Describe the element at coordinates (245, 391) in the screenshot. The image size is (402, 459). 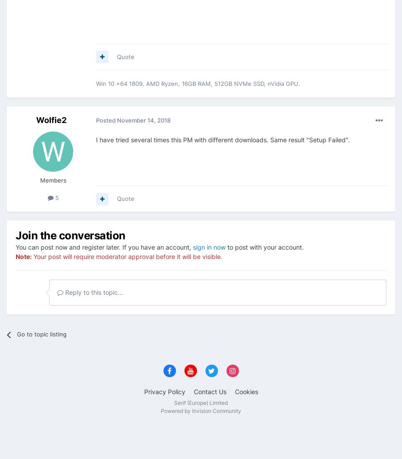
I see `'Cookies'` at that location.